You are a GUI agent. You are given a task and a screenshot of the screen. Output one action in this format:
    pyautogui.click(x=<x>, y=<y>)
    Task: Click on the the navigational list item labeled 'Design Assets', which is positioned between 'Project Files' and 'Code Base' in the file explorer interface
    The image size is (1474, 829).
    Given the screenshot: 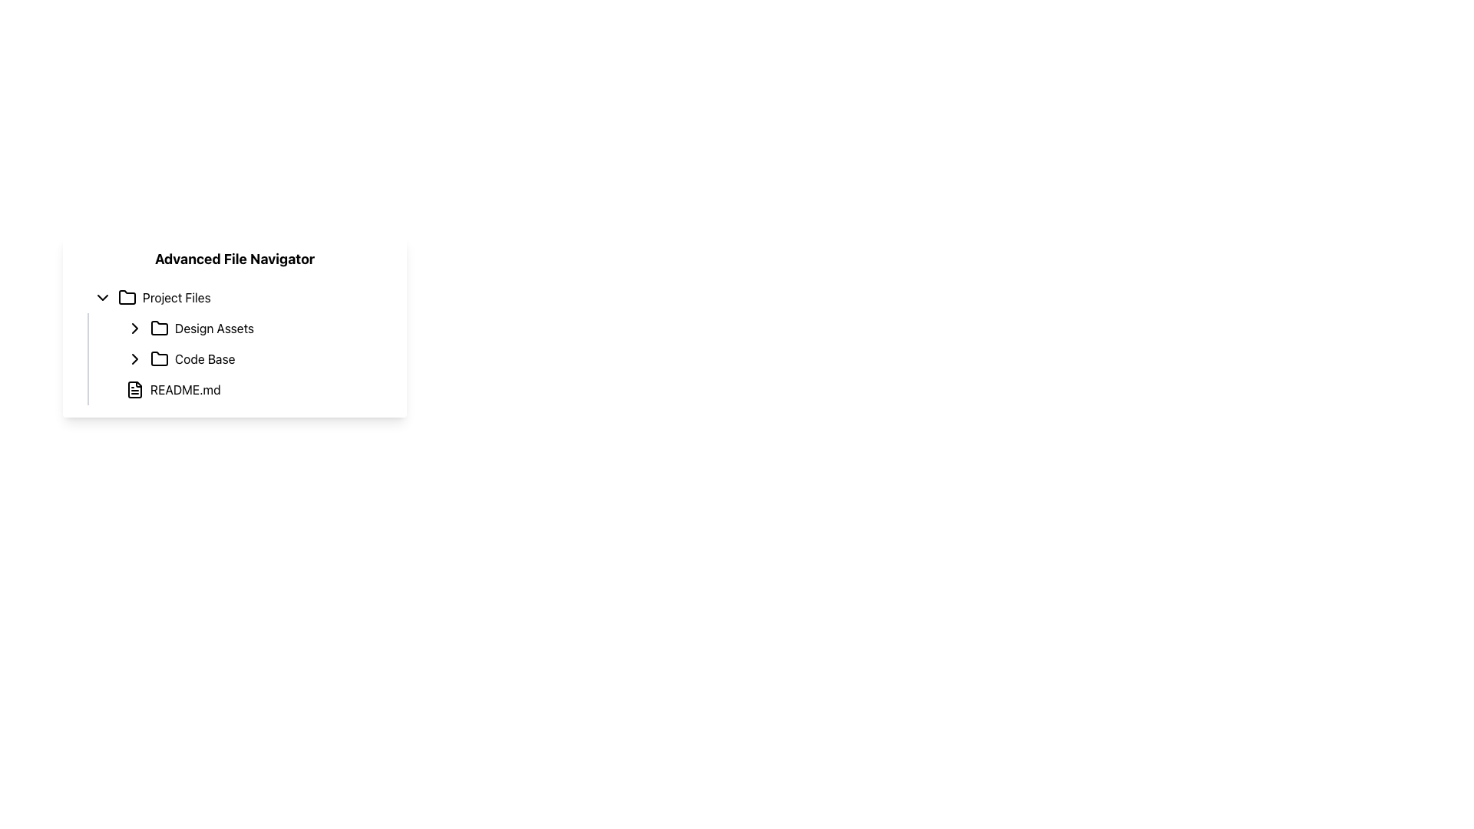 What is the action you would take?
    pyautogui.click(x=250, y=328)
    